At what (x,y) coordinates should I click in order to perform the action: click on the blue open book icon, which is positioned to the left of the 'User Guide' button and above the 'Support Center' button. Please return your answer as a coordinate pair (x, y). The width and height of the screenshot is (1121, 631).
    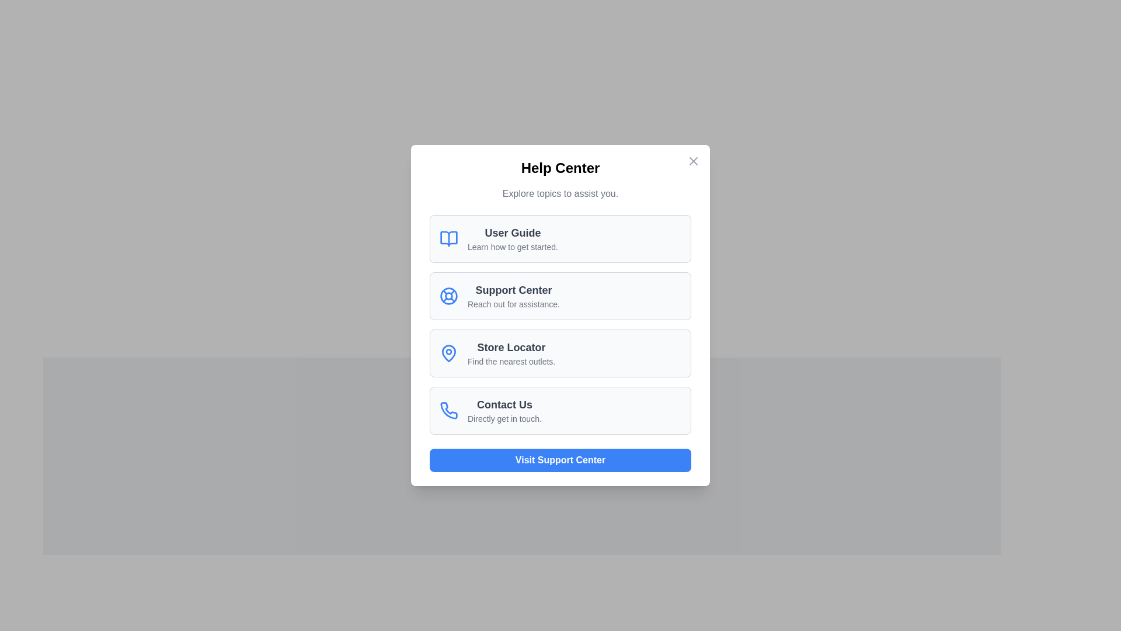
    Looking at the image, I should click on (448, 238).